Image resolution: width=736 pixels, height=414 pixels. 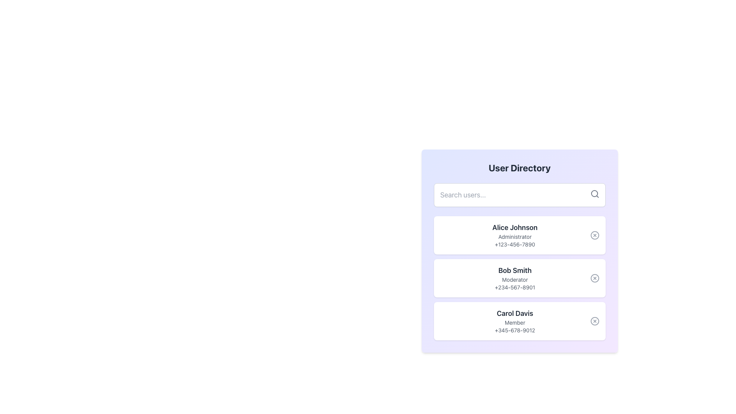 I want to click on the text label displaying the phone number '+234-567-8901', which is styled in gray and located below 'Moderator' in the user entry for 'Bob Smith', so click(x=515, y=287).